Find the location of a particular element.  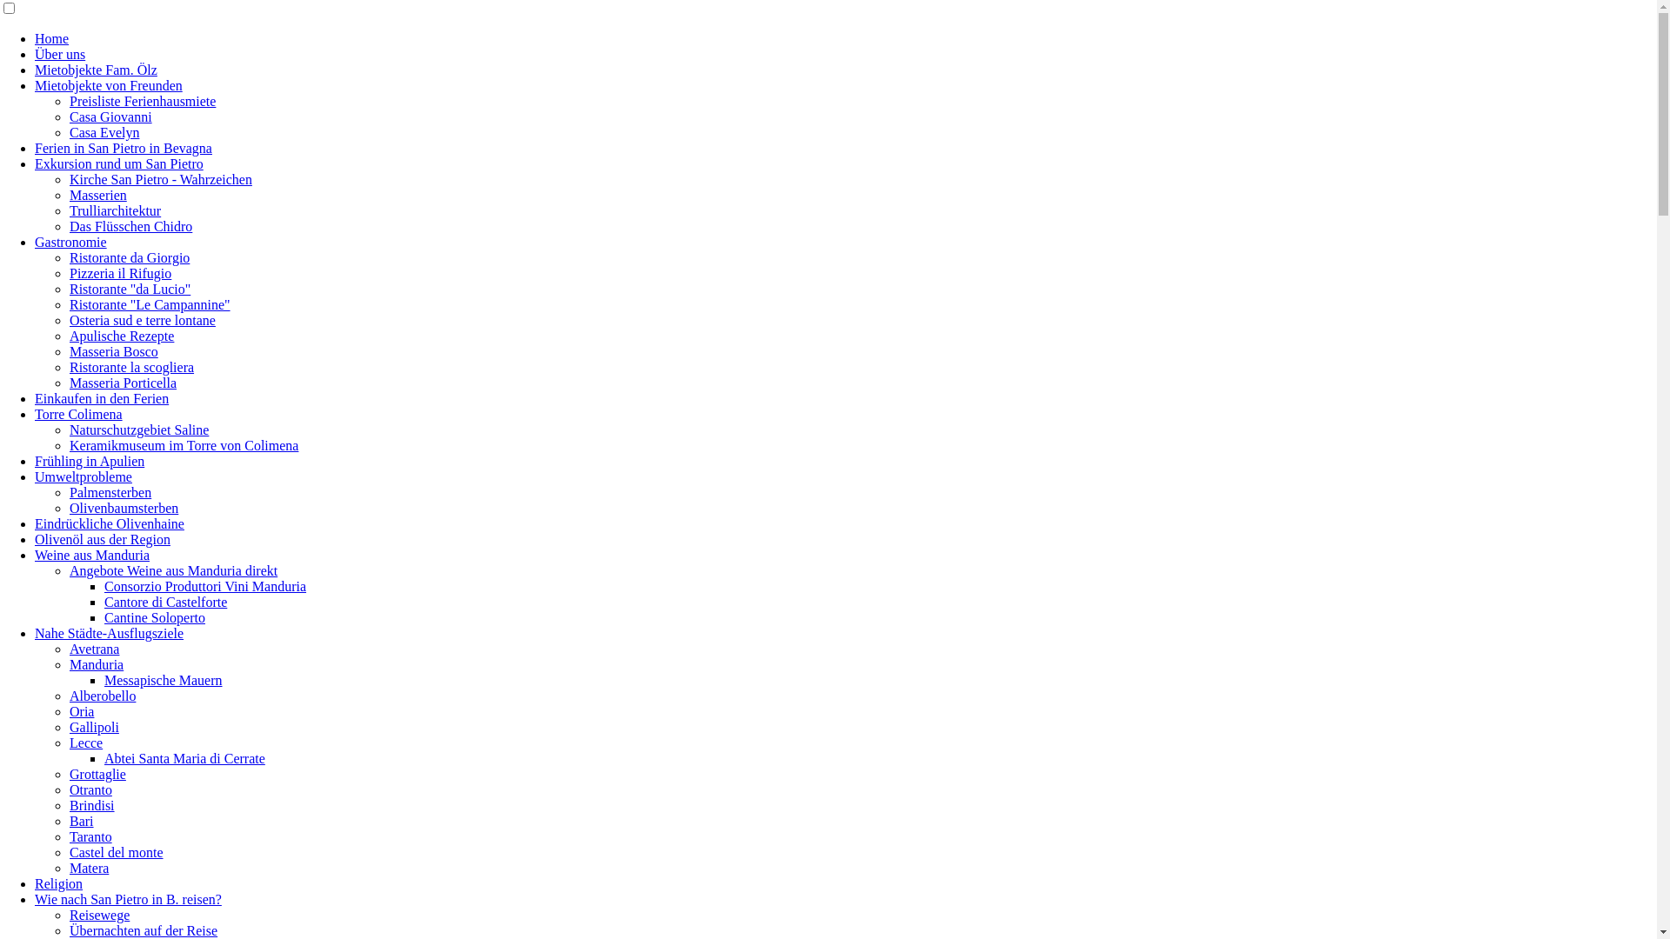

'Messapische Mauern' is located at coordinates (163, 679).